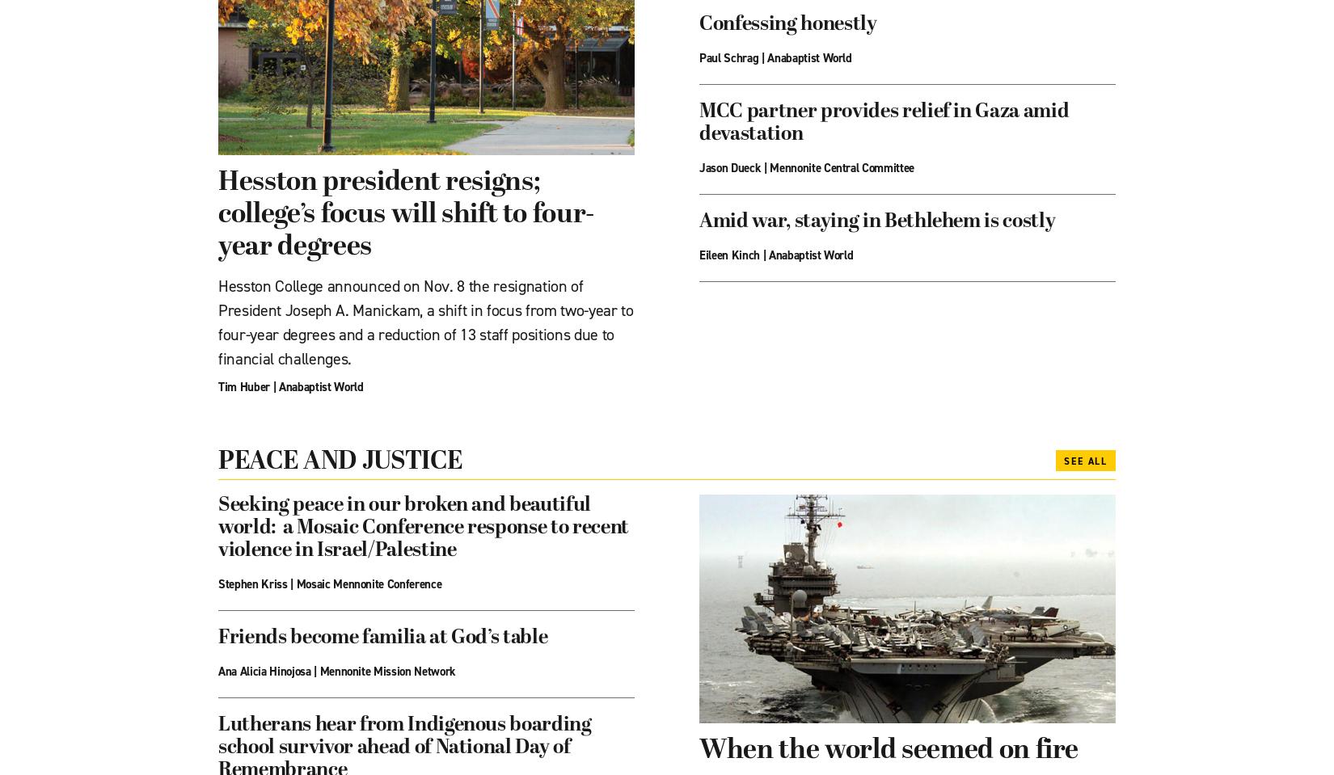  Describe the element at coordinates (729, 254) in the screenshot. I see `'Eileen Kinch'` at that location.